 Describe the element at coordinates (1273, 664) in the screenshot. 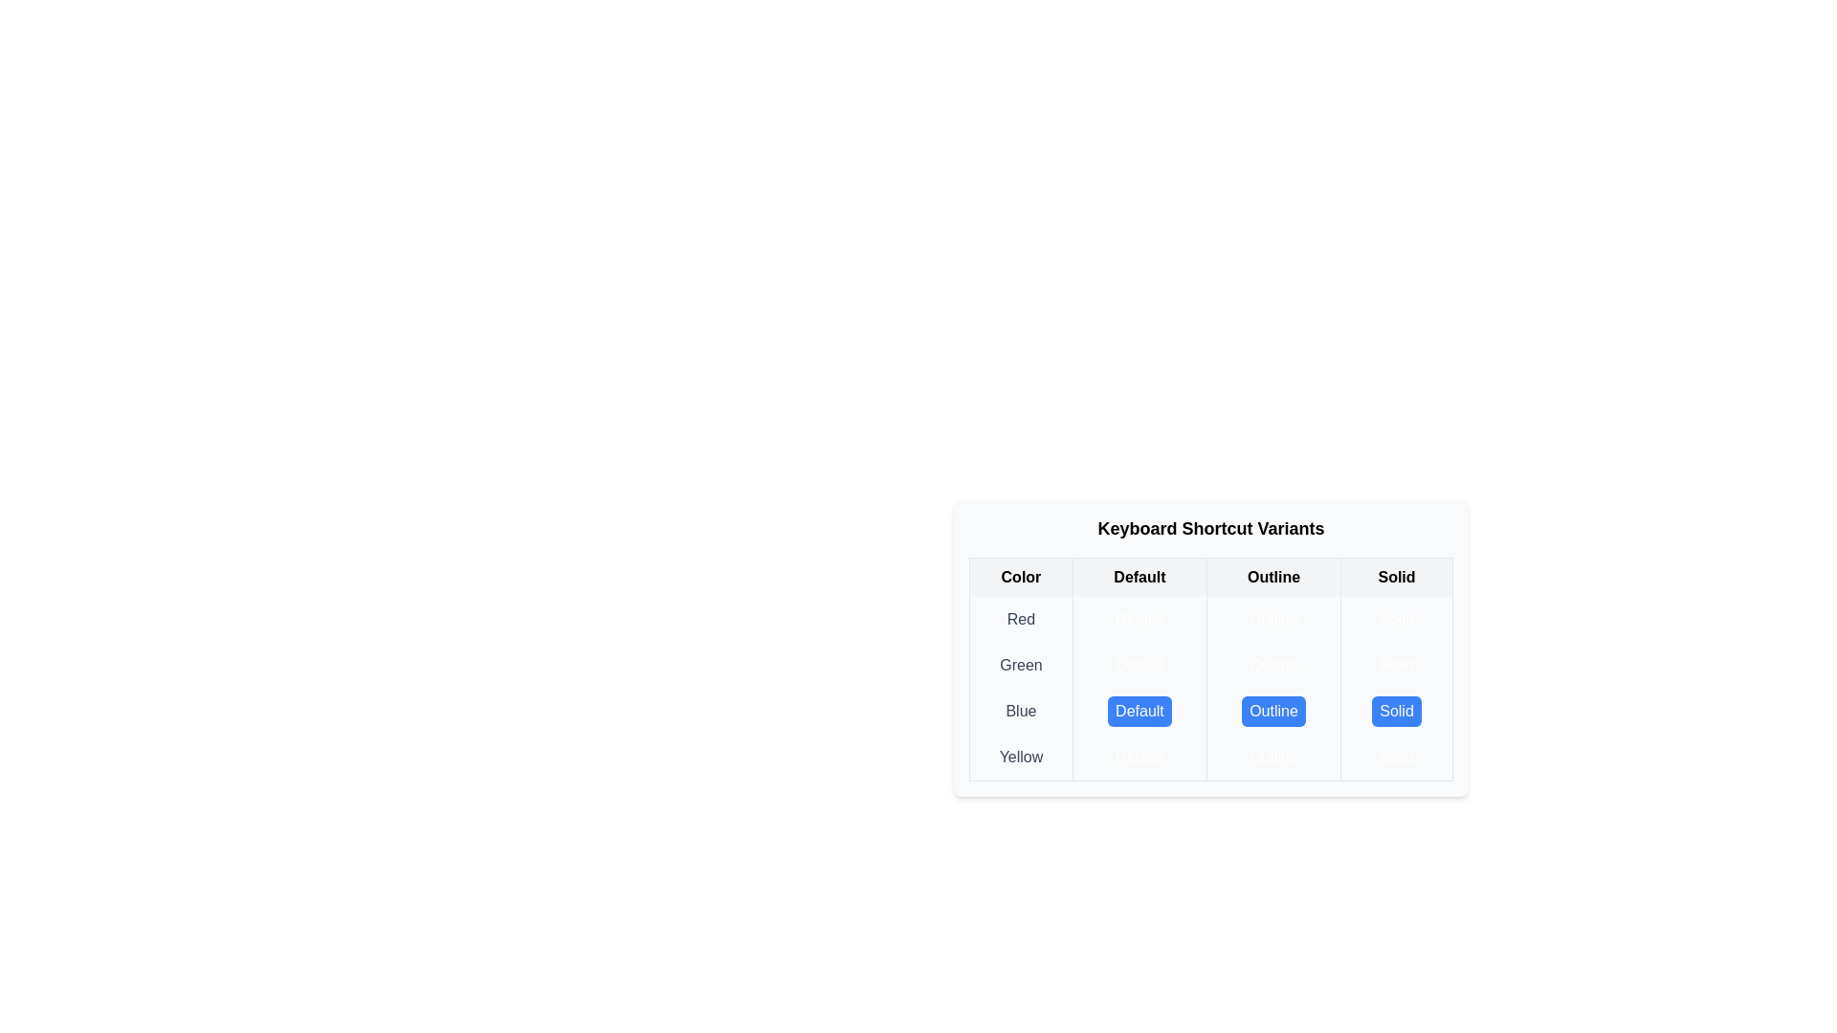

I see `the button located in the 'Green' category of the 'Outline' section to observe its hover effect` at that location.